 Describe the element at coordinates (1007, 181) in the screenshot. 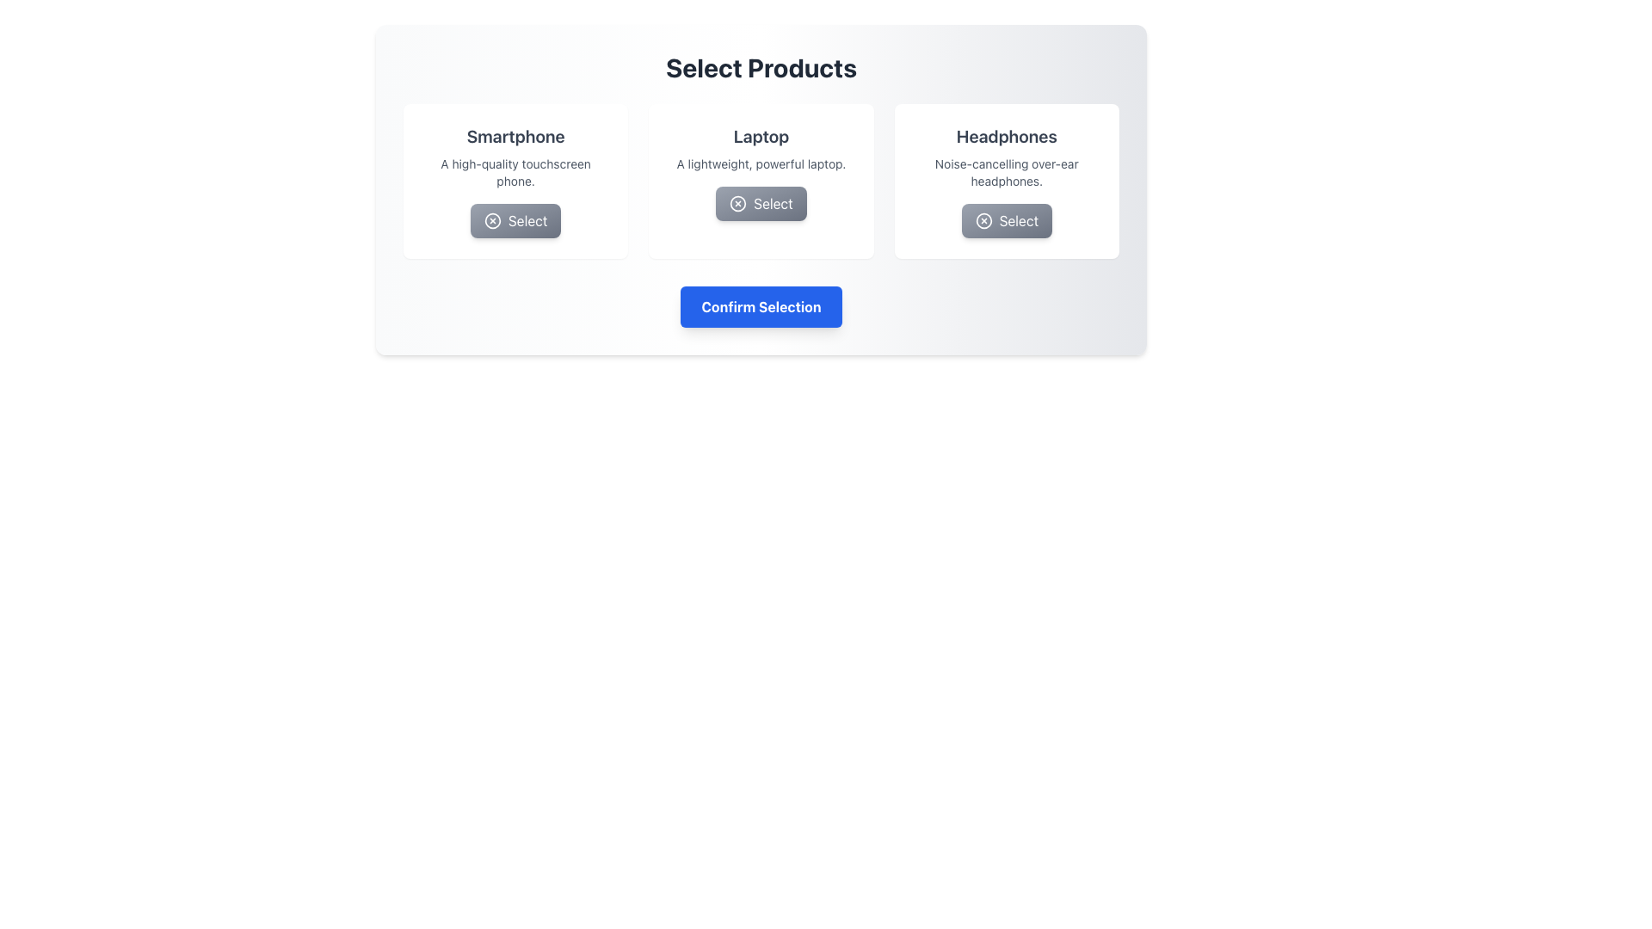

I see `the 'Select' button on the card featuring 'Headphones', which has a white background and is located in the third column of a three-column grid layout` at that location.